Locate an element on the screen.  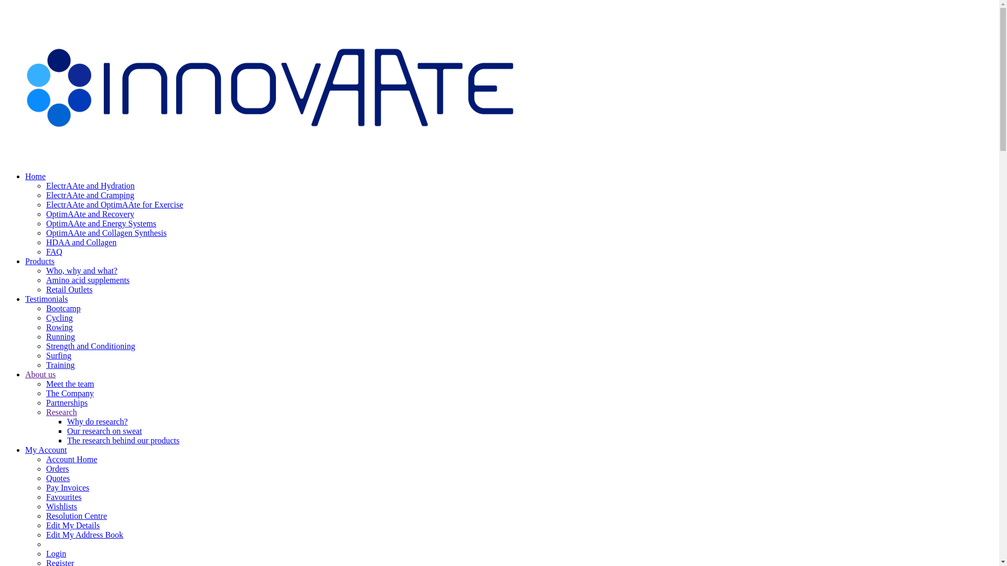
'Orders' is located at coordinates (45, 468).